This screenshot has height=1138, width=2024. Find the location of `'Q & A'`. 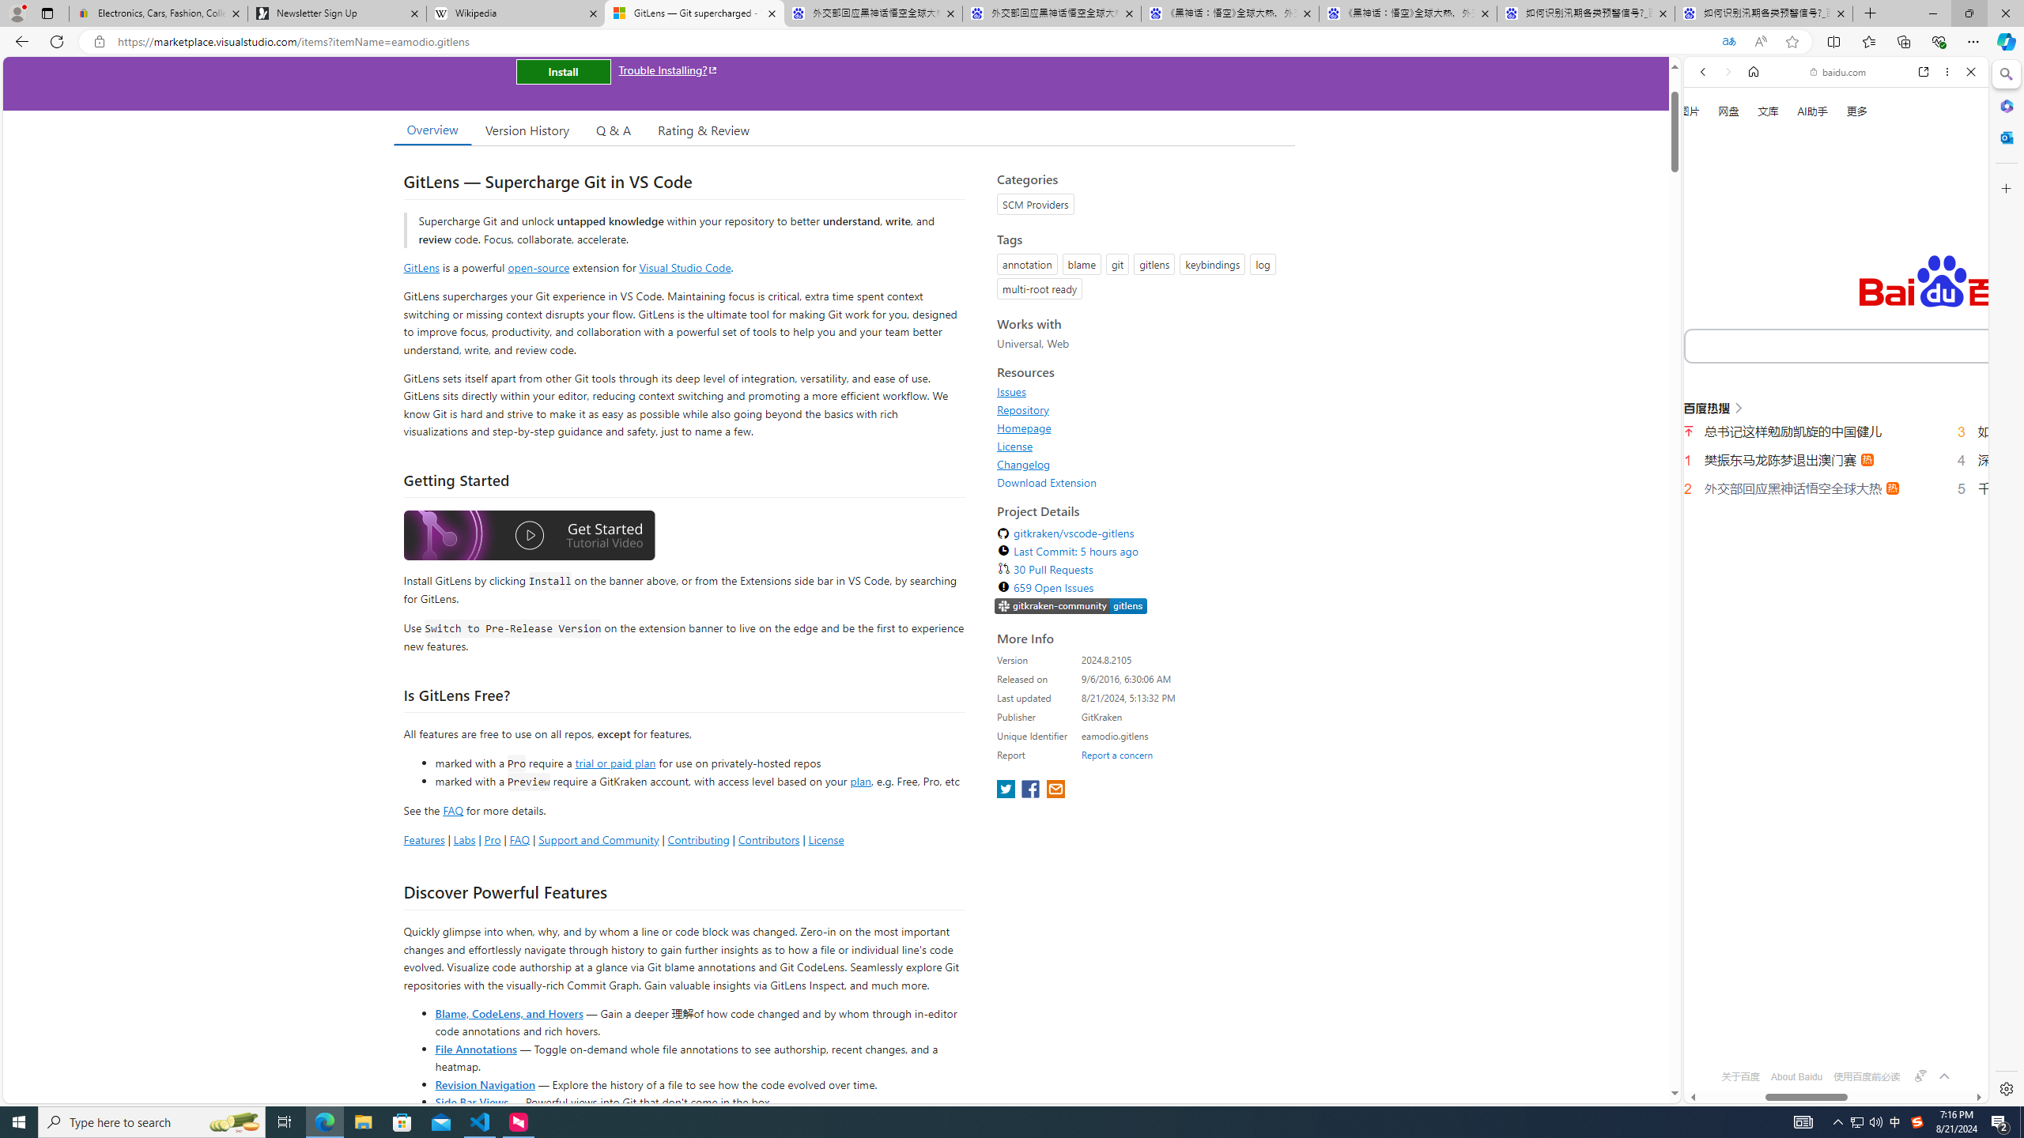

'Q & A' is located at coordinates (613, 130).